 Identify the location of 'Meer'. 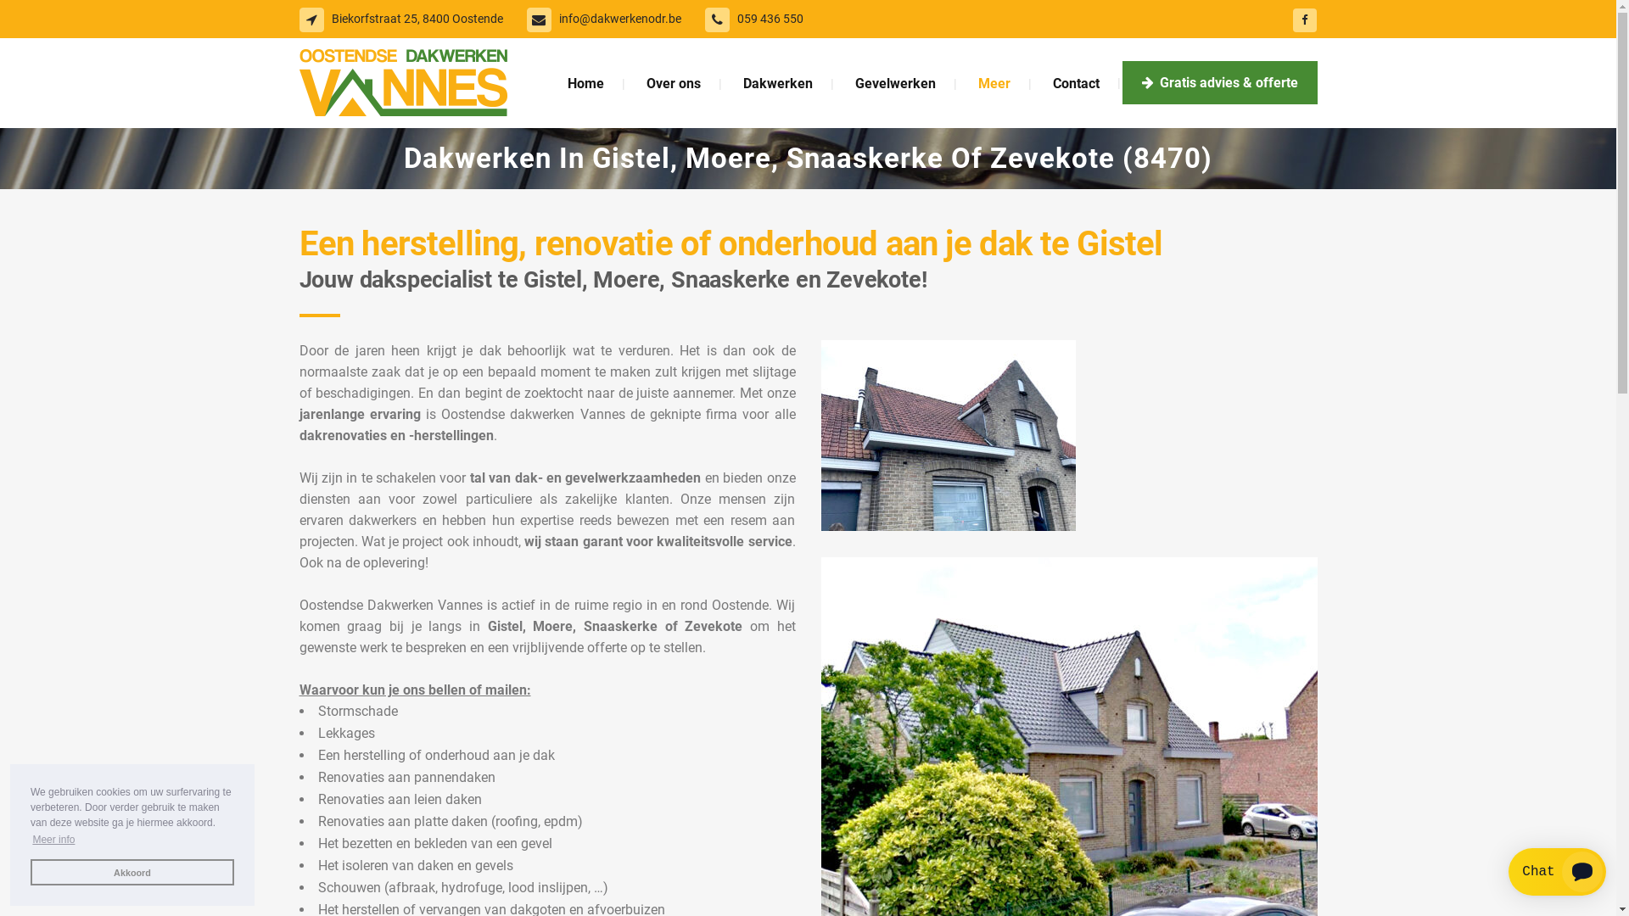
(994, 83).